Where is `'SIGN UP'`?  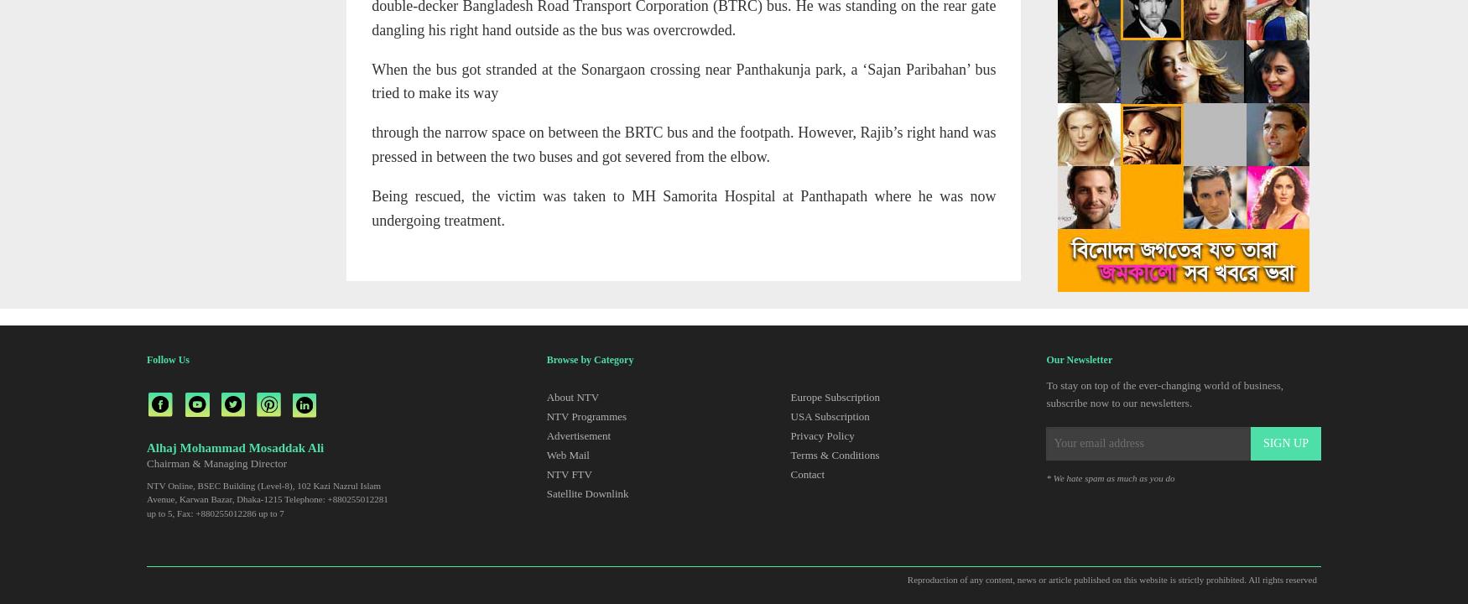
'SIGN UP' is located at coordinates (1283, 442).